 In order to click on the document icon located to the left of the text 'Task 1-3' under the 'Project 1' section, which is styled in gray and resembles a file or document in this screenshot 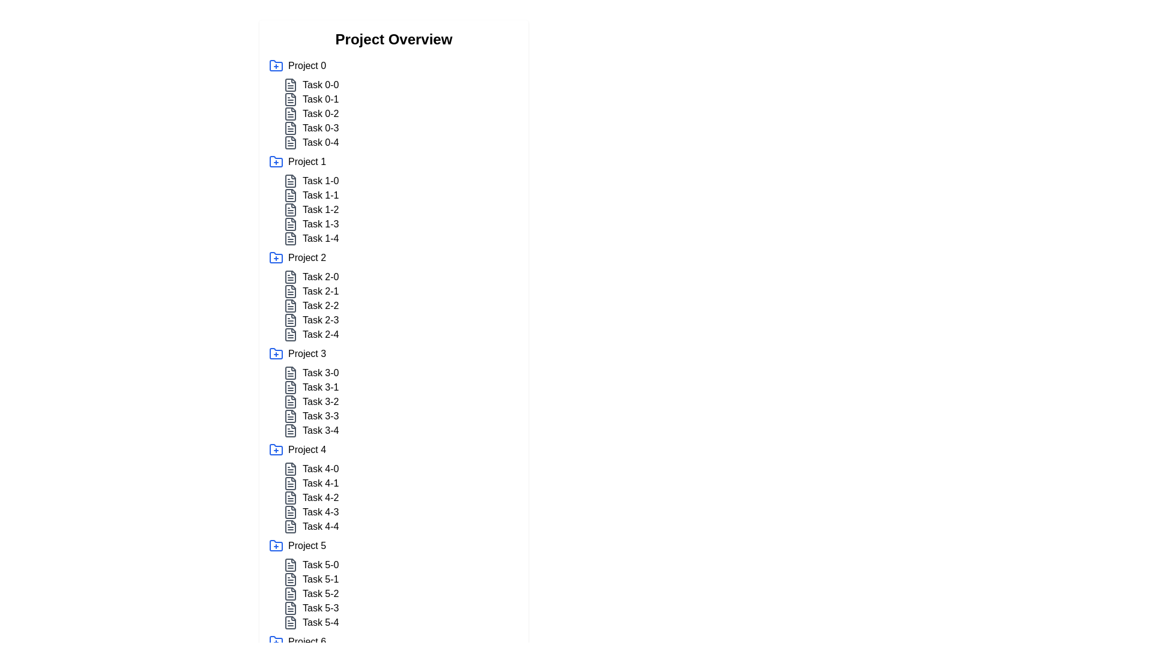, I will do `click(291, 224)`.